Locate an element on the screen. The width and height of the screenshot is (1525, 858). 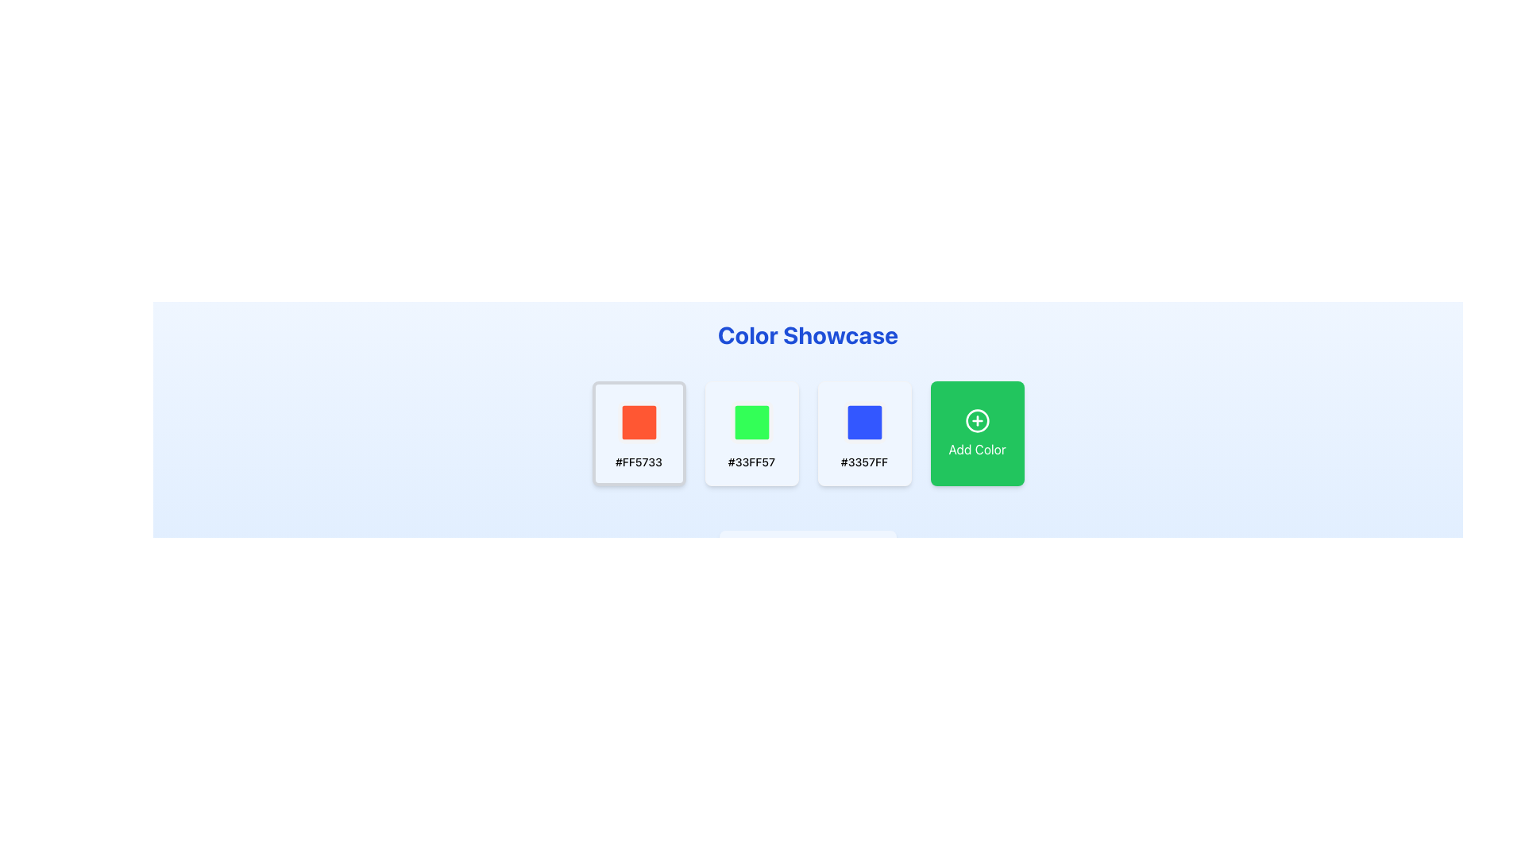
the icon inside the green button labeled 'Add Color' located in the bottom-right section of the button row is located at coordinates (976, 419).